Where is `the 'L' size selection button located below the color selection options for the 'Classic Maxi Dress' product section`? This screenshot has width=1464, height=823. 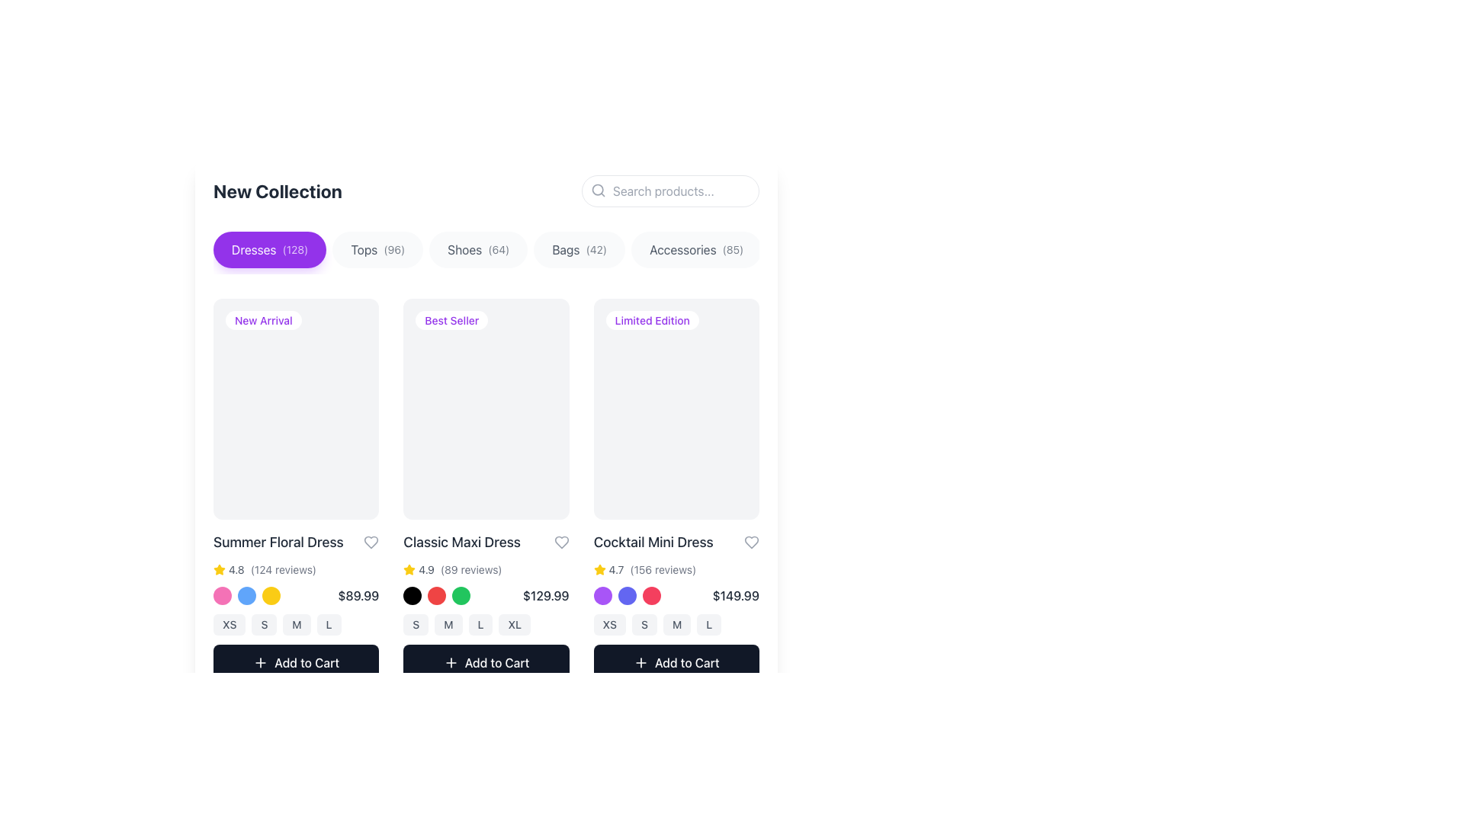 the 'L' size selection button located below the color selection options for the 'Classic Maxi Dress' product section is located at coordinates (480, 624).